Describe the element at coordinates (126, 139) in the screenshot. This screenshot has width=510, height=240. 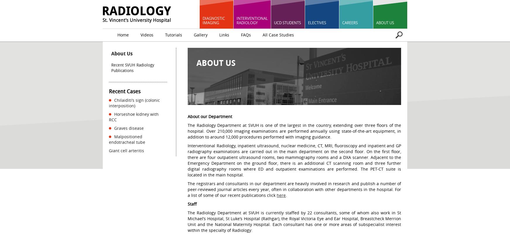
I see `'Malpositioned endotracheal tube'` at that location.